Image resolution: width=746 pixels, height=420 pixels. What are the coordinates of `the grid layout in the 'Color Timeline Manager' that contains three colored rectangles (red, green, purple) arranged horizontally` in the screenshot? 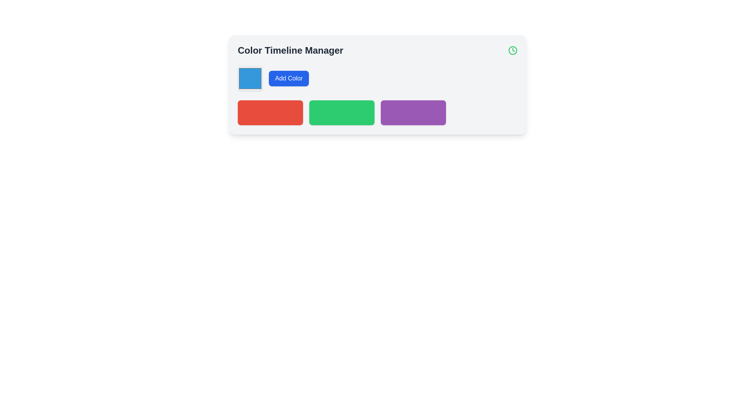 It's located at (377, 112).